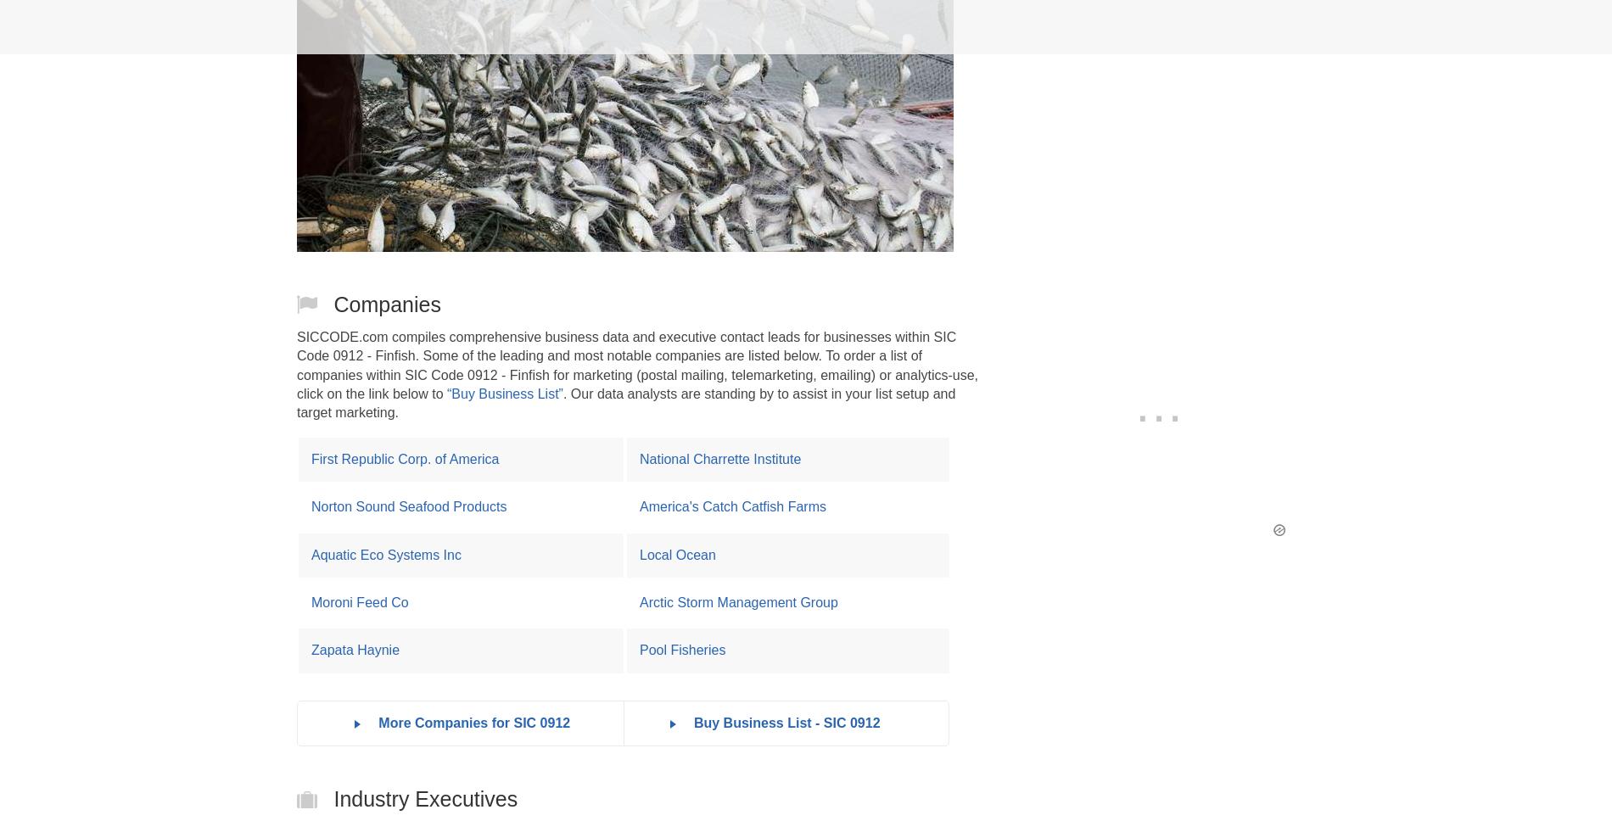 The image size is (1612, 821). Describe the element at coordinates (359, 600) in the screenshot. I see `'Moroni Feed Co'` at that location.